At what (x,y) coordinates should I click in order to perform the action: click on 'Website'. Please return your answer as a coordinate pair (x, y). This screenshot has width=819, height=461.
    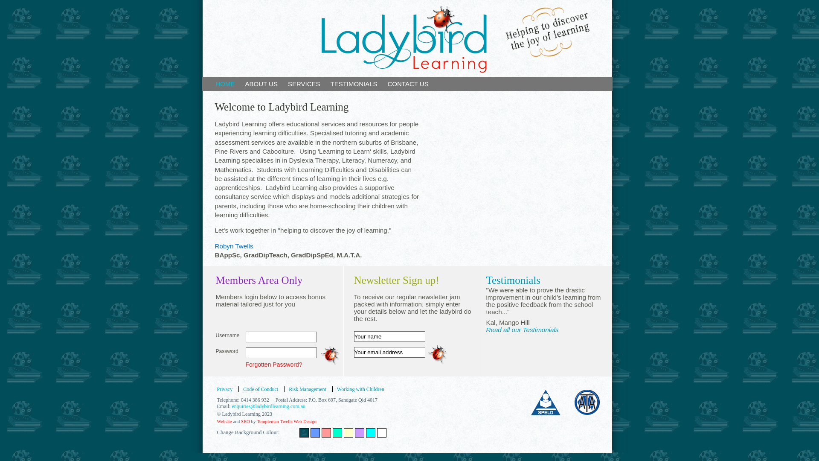
    Looking at the image, I should click on (217, 421).